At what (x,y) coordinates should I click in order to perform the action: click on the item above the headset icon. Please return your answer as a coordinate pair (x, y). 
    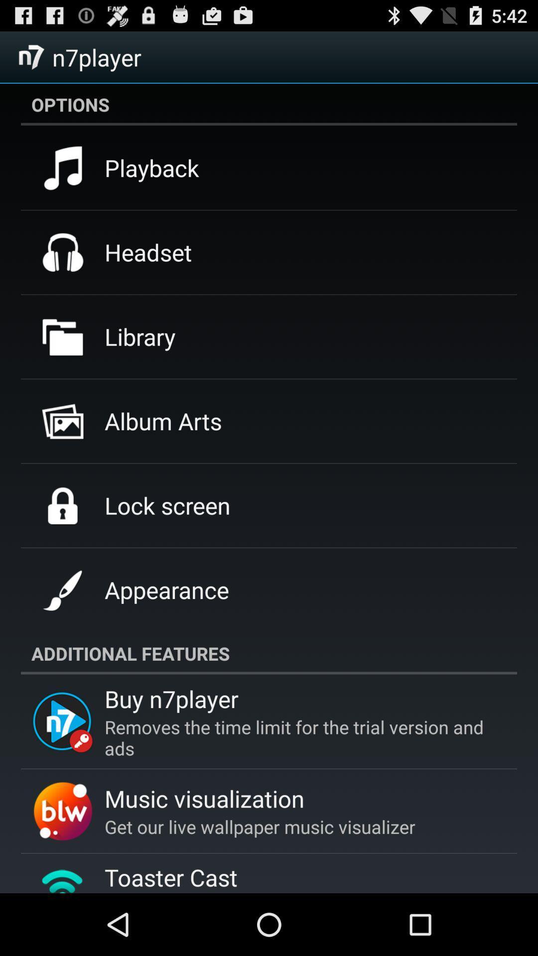
    Looking at the image, I should click on (151, 168).